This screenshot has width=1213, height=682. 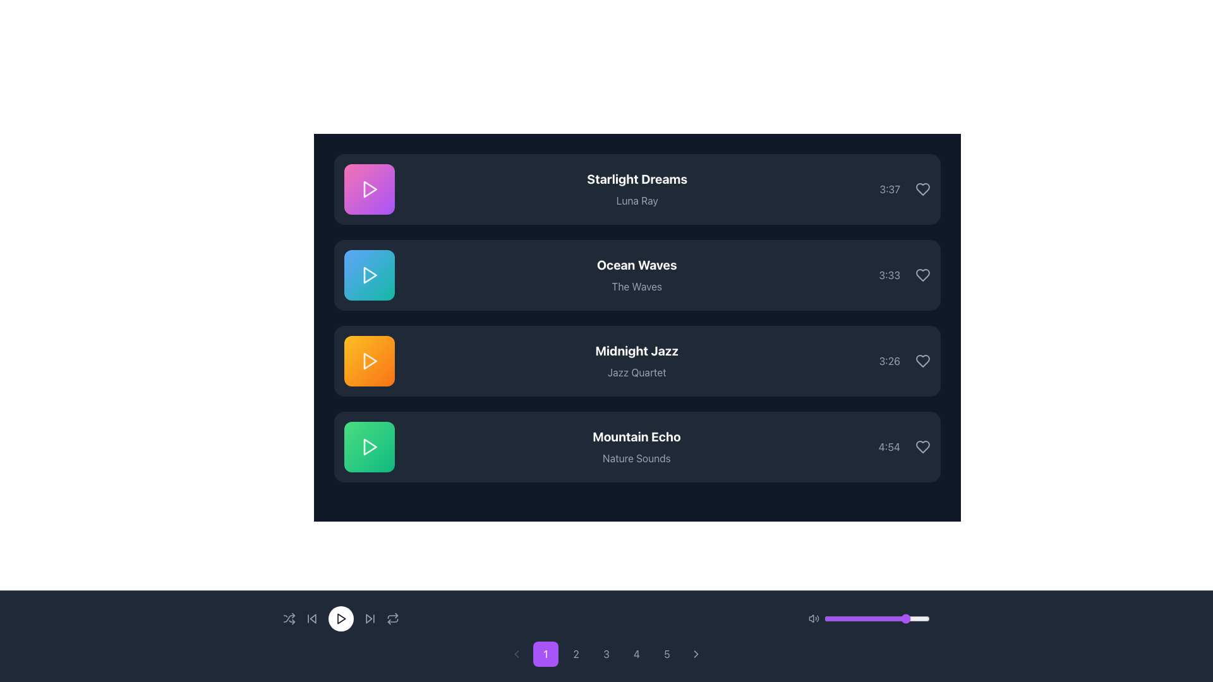 What do you see at coordinates (903, 618) in the screenshot?
I see `the volume` at bounding box center [903, 618].